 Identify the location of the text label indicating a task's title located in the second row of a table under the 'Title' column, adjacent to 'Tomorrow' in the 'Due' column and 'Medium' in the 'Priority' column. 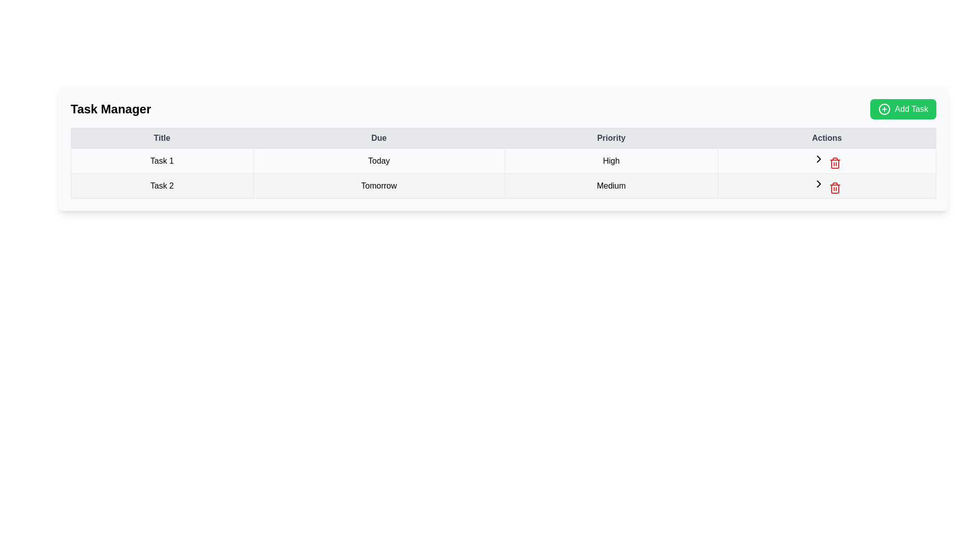
(161, 186).